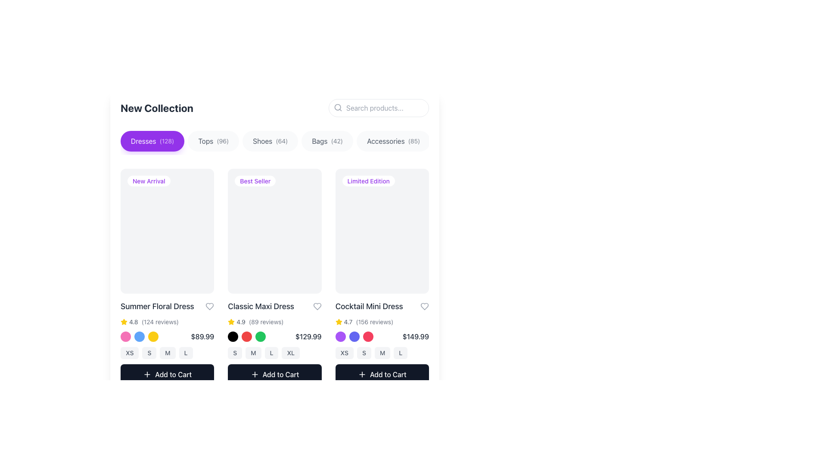  What do you see at coordinates (223, 140) in the screenshot?
I see `the text label displaying the value '(96)' which is styled in a faded gray color and positioned adjacent to 'Tops' in the category options list` at bounding box center [223, 140].